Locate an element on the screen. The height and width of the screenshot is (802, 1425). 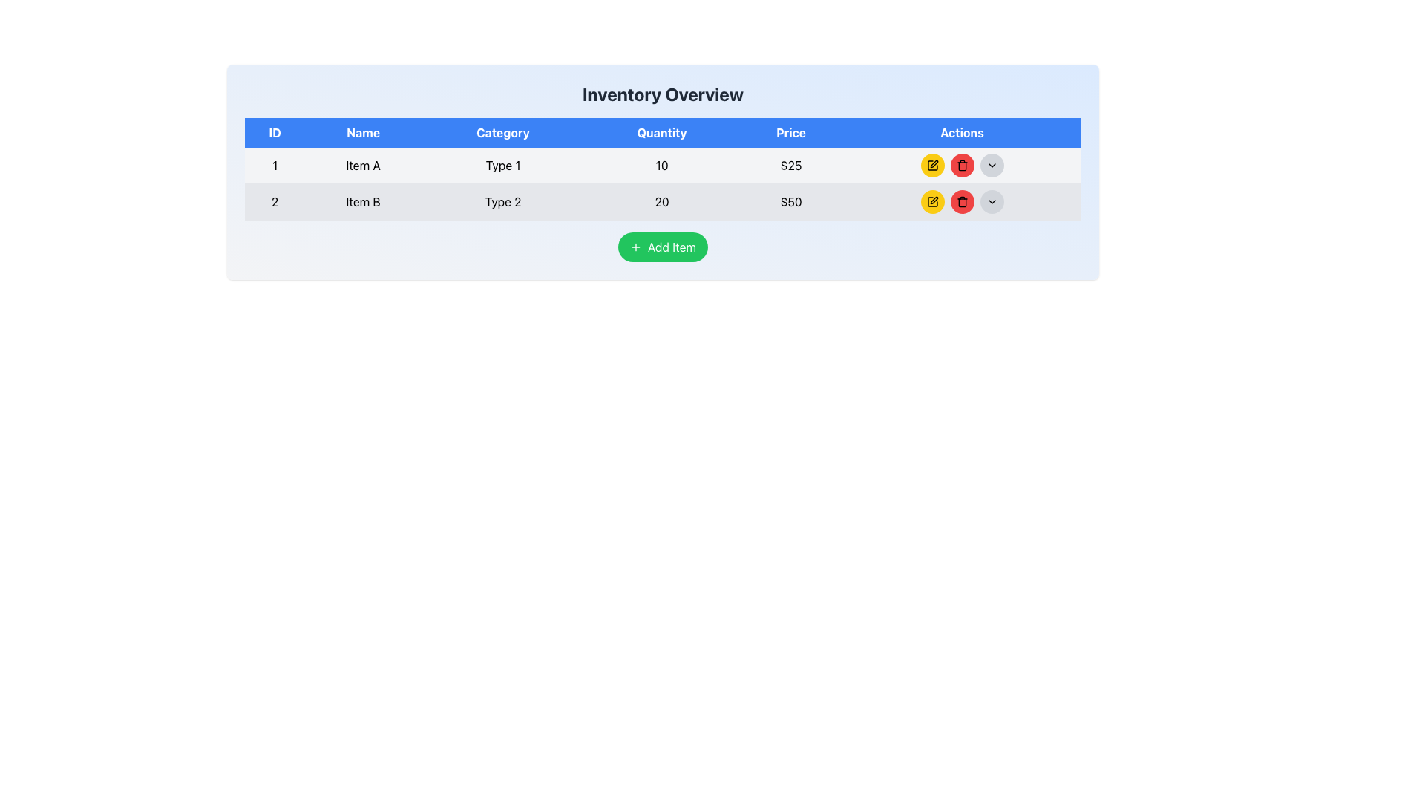
the text element representing the category of the item in the first row of the inventory table, located in the third column under the 'Category' header is located at coordinates (503, 166).